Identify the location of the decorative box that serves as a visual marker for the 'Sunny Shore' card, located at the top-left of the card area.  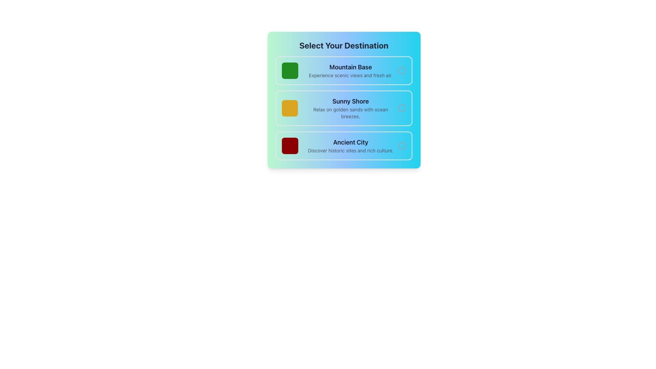
(290, 108).